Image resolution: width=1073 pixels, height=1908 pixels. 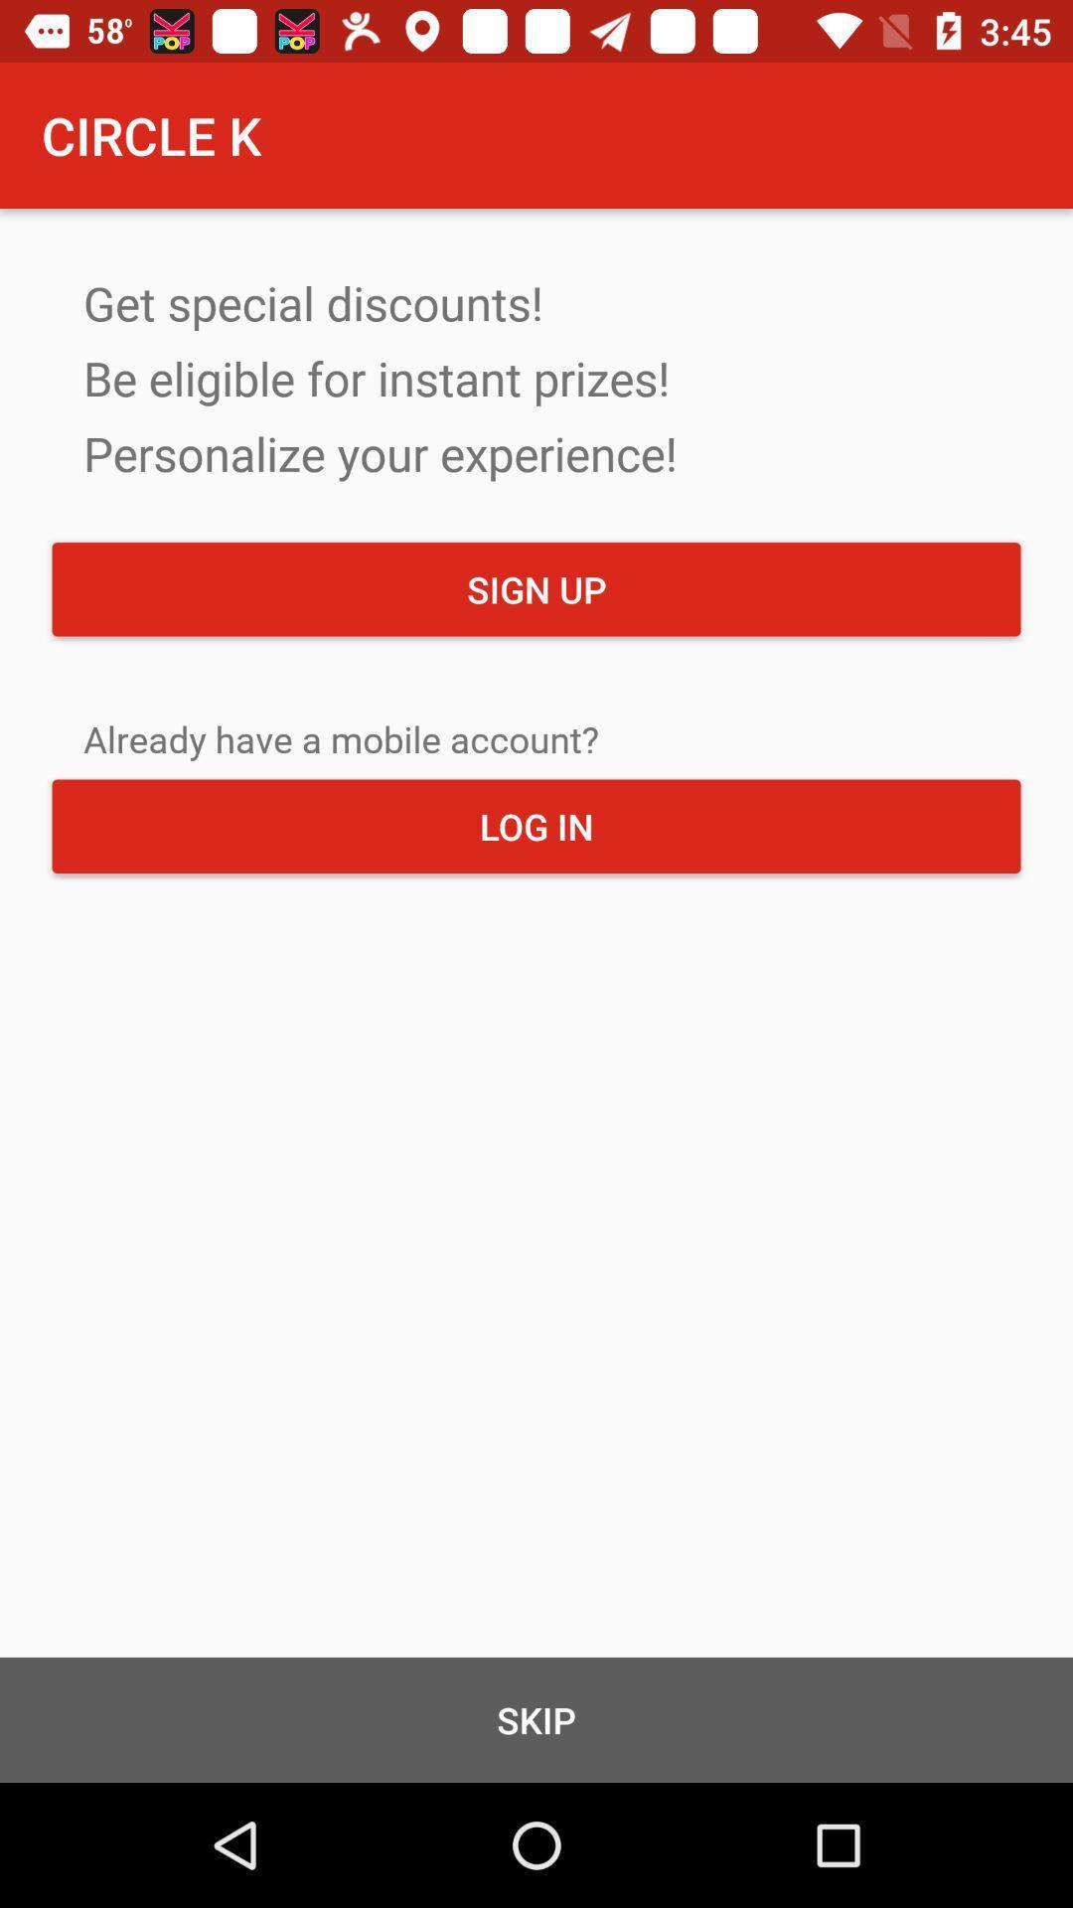 What do you see at coordinates (536, 1719) in the screenshot?
I see `the skip` at bounding box center [536, 1719].